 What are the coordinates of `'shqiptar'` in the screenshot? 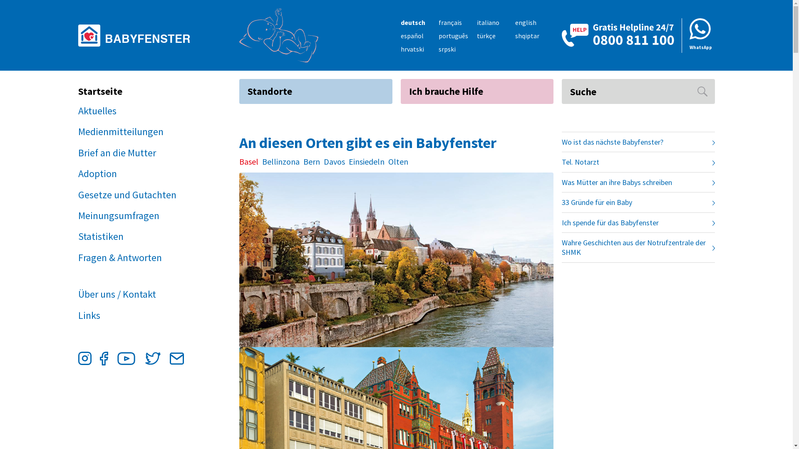 It's located at (527, 35).